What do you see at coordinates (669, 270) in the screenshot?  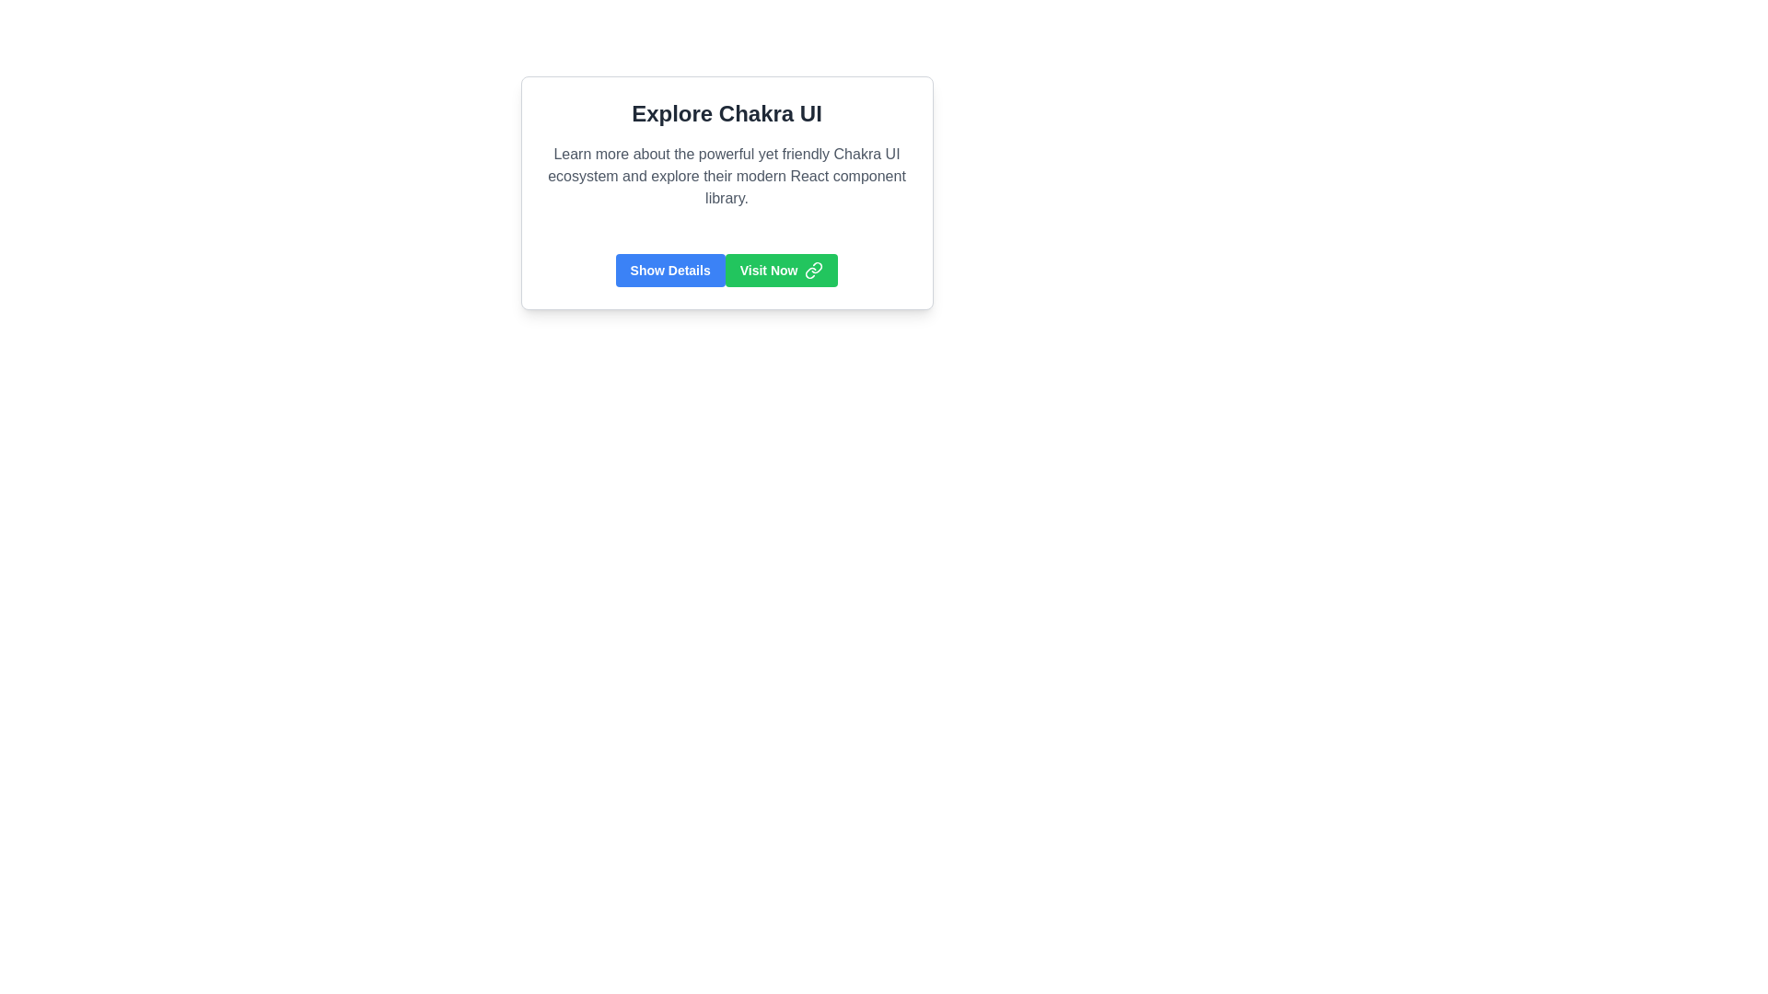 I see `the 'Show Details' button, which has a bright blue background and white text, located in the lower section of the 'Explore Chakra UI' card` at bounding box center [669, 270].